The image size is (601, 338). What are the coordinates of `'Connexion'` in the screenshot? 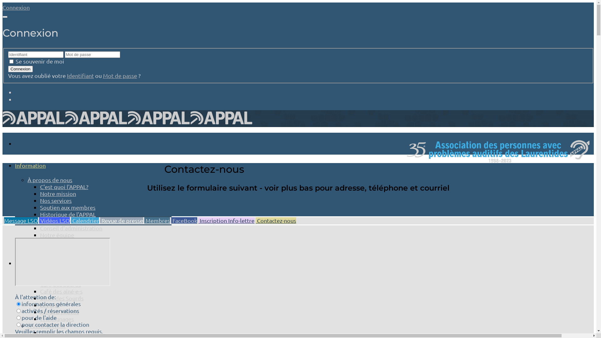 It's located at (21, 69).